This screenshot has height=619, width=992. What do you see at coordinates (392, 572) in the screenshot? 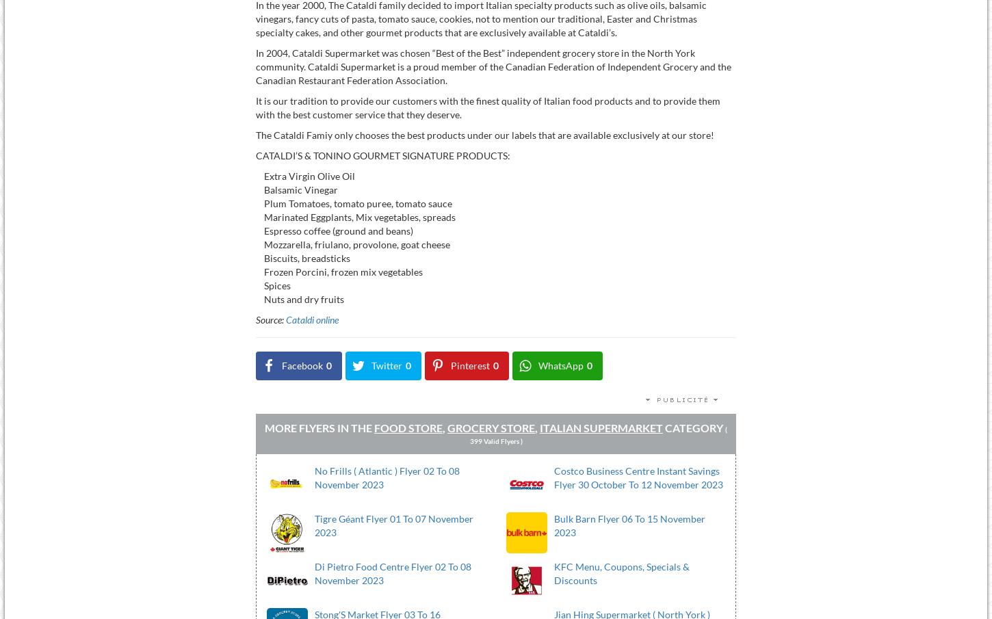
I see `'Di Pietro Food Centre Flyer 02 To 08 November 2023'` at bounding box center [392, 572].